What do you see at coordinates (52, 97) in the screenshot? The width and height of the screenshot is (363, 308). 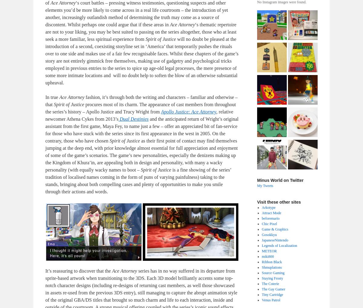 I see `'In true'` at bounding box center [52, 97].